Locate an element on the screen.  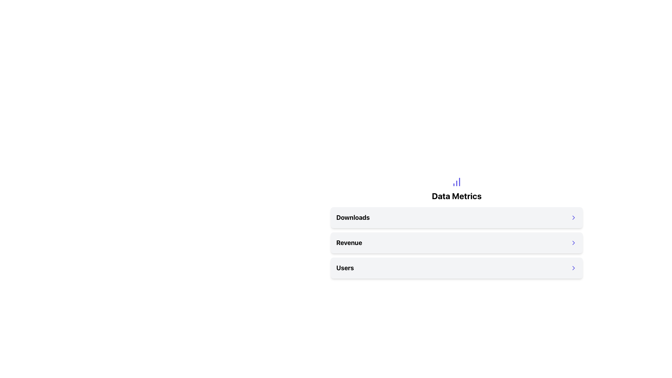
the statistics icon located in the 'Data Metrics' section, which is centered above the labeled rows such as 'Downloads', 'Revenue', and 'Users' is located at coordinates (457, 182).